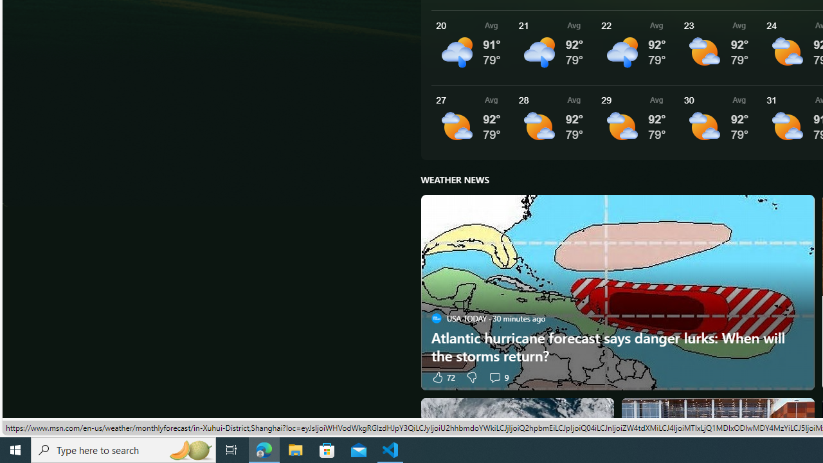 This screenshot has width=823, height=463. What do you see at coordinates (471, 376) in the screenshot?
I see `'Dislike'` at bounding box center [471, 376].